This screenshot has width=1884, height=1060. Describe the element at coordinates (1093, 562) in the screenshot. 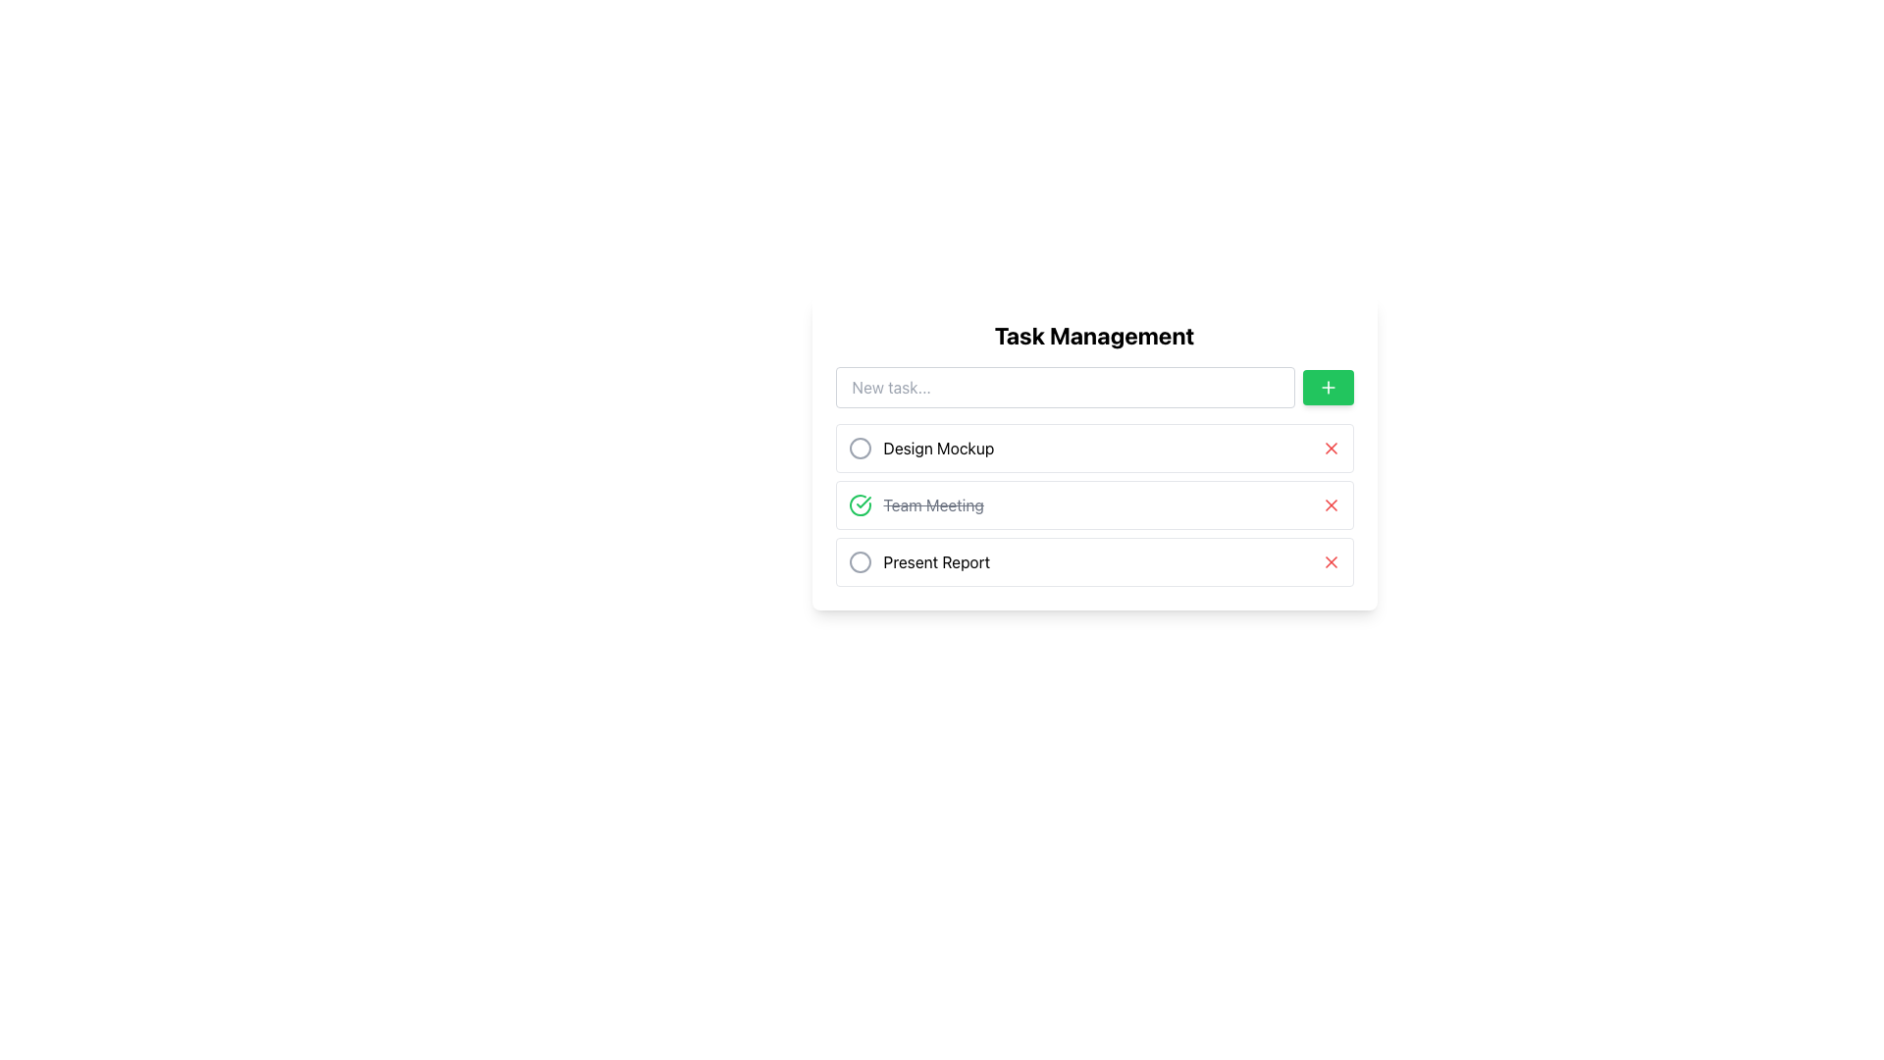

I see `the third Interactive Task Item in the task list` at that location.